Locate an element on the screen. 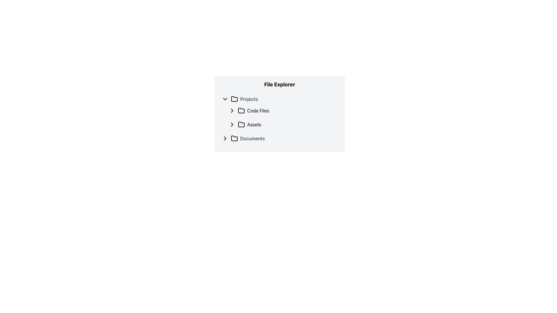  the 'Documents' folder icon is located at coordinates (234, 138).